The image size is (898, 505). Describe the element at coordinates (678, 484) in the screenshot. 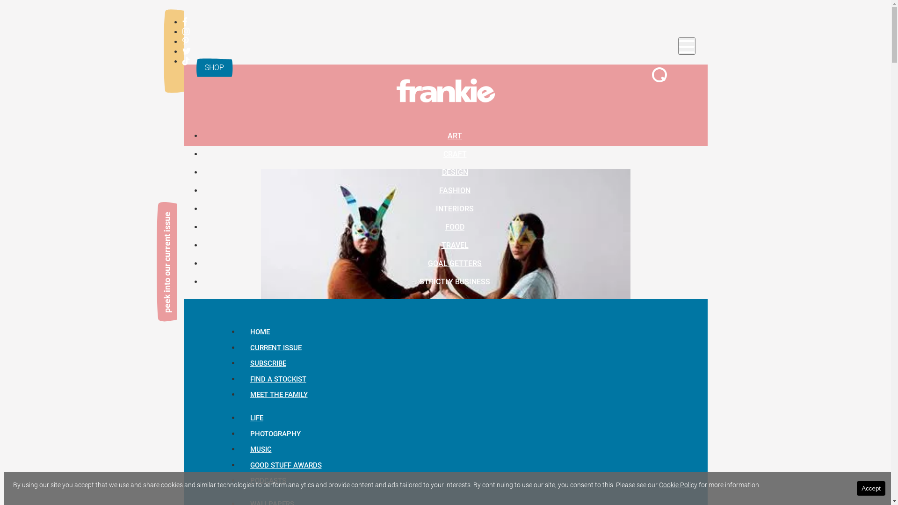

I see `'Cookie Policy'` at that location.